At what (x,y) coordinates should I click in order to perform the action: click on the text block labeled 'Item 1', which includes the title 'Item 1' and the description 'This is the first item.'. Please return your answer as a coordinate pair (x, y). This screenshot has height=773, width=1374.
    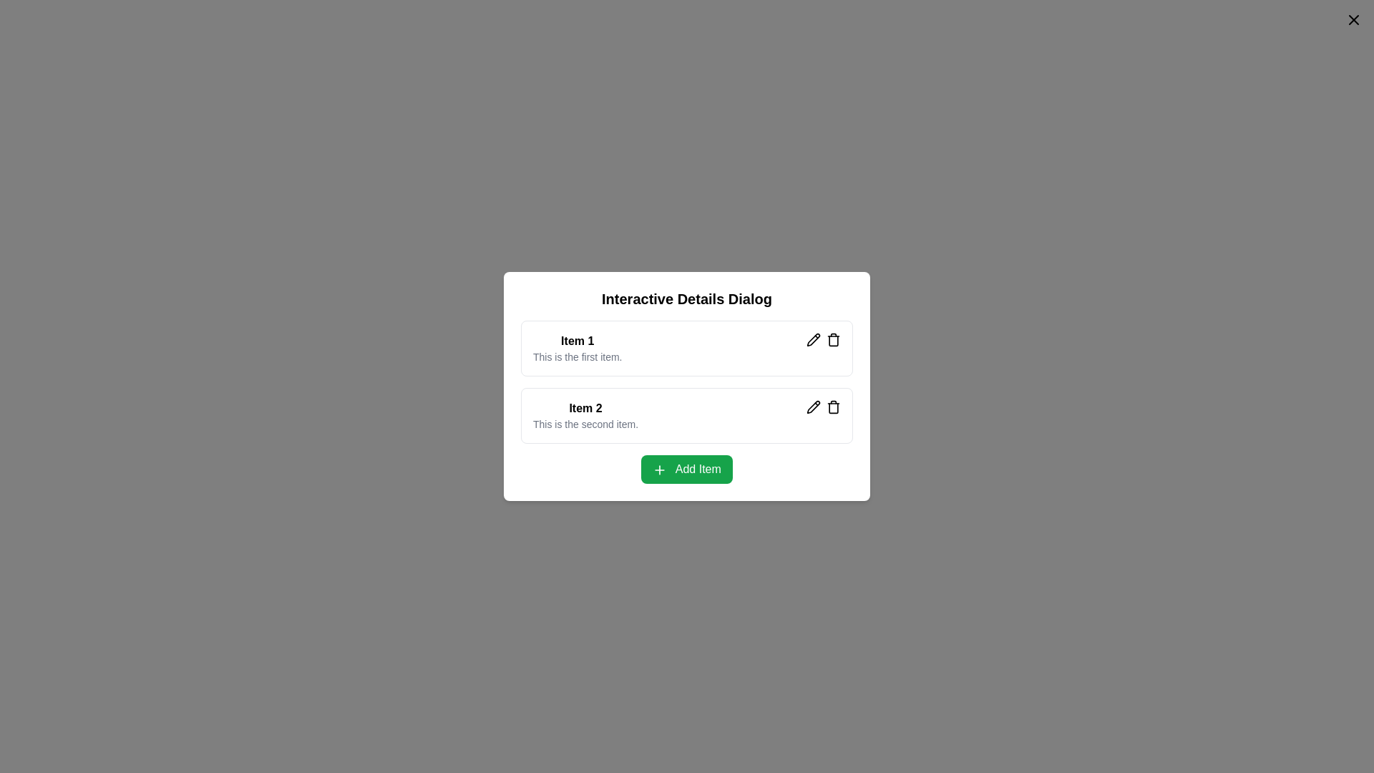
    Looking at the image, I should click on (578, 348).